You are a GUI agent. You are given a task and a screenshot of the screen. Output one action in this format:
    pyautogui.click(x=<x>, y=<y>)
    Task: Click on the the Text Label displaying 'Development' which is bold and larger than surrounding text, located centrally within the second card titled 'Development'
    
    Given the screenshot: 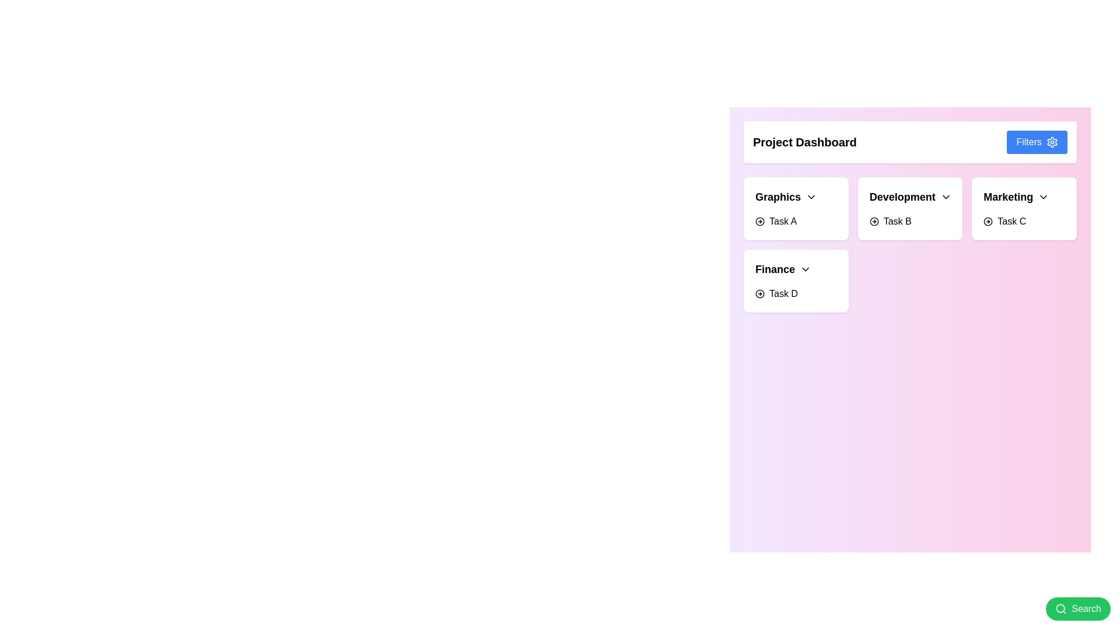 What is the action you would take?
    pyautogui.click(x=902, y=197)
    